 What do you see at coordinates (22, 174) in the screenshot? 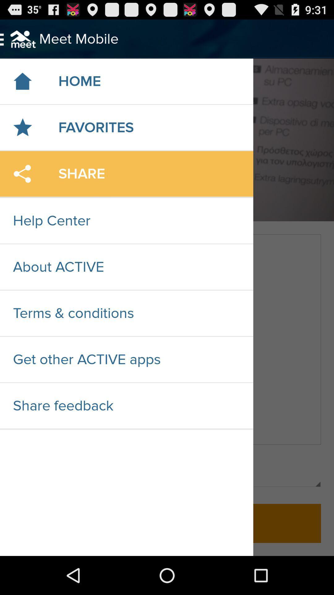
I see `share icon` at bounding box center [22, 174].